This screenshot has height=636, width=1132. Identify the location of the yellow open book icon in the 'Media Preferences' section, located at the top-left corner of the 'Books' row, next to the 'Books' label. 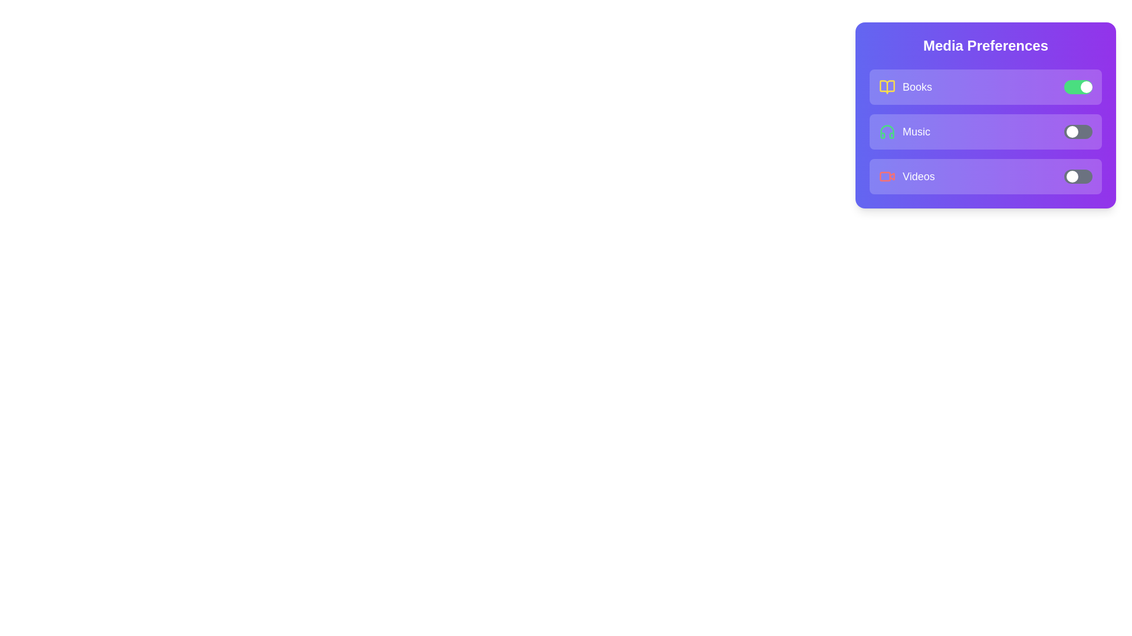
(887, 86).